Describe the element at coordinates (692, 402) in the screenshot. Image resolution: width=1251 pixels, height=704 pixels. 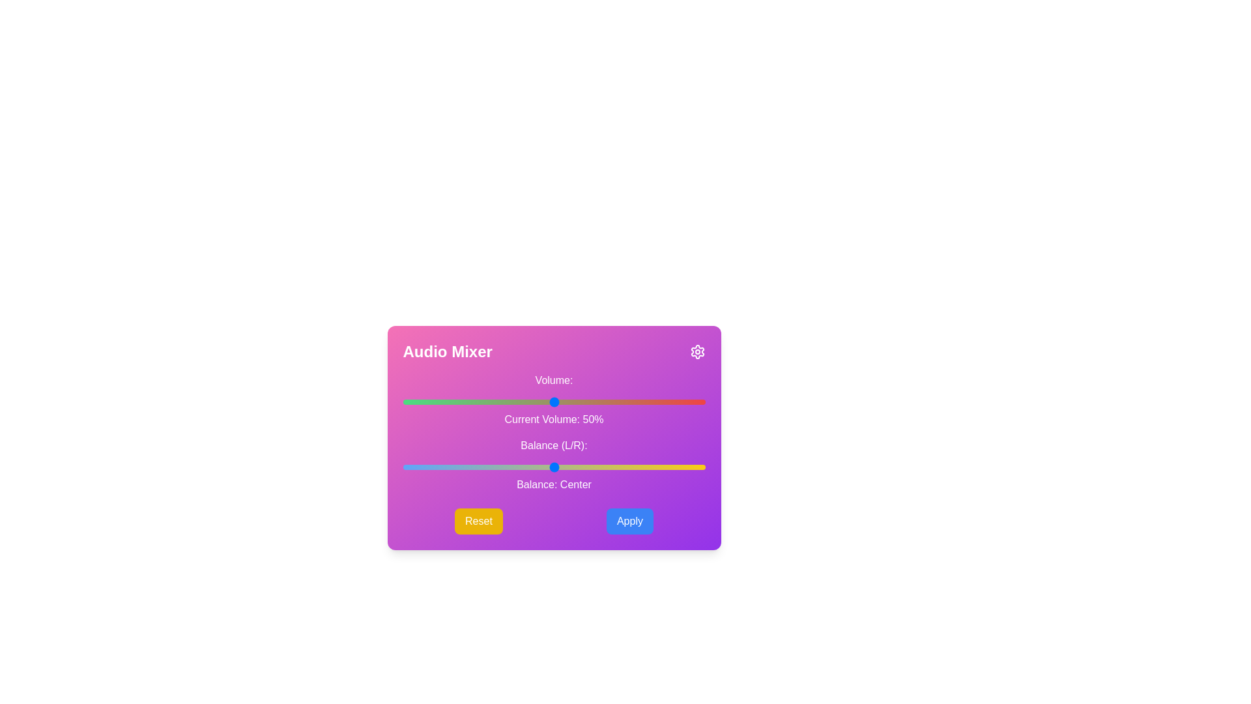
I see `the volume slider to set the volume to 96%` at that location.